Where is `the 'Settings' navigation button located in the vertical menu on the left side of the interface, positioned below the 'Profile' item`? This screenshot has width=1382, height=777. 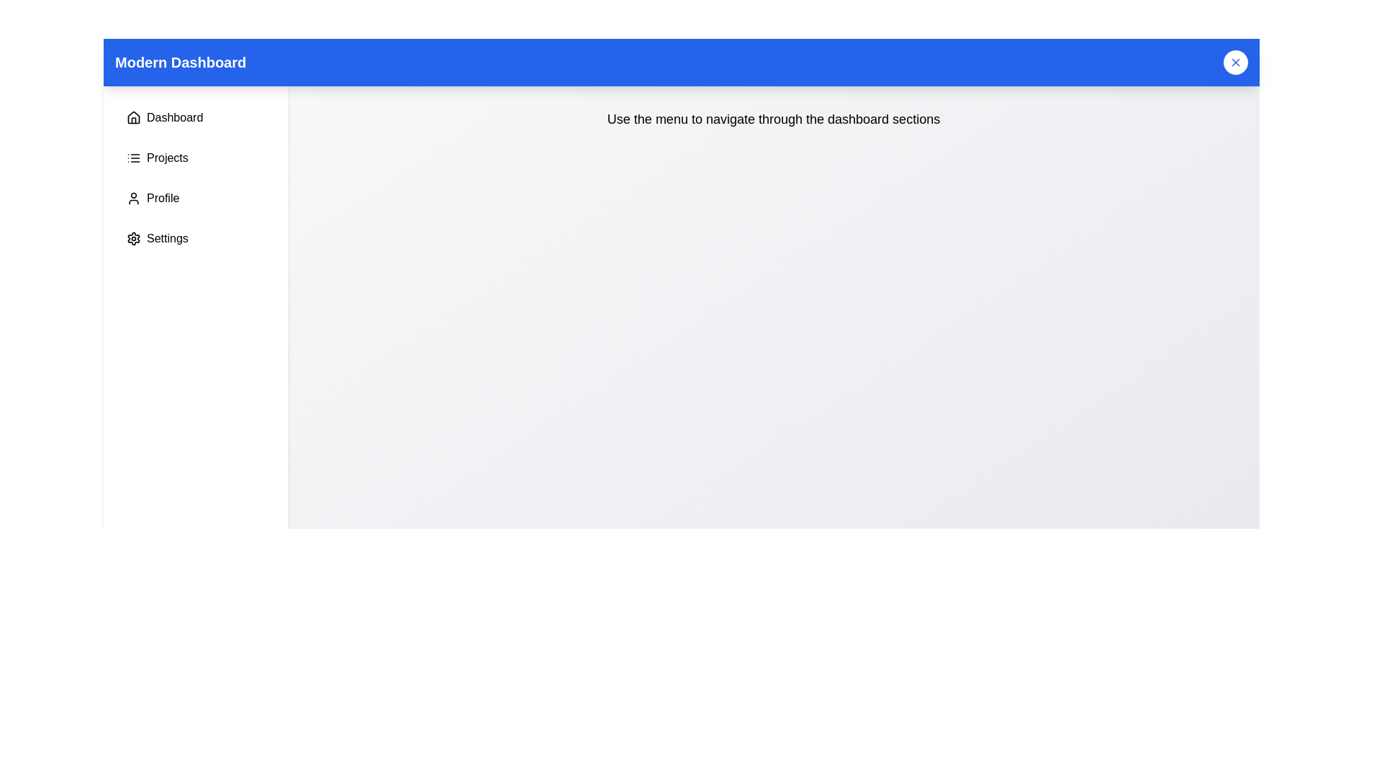 the 'Settings' navigation button located in the vertical menu on the left side of the interface, positioned below the 'Profile' item is located at coordinates (195, 237).